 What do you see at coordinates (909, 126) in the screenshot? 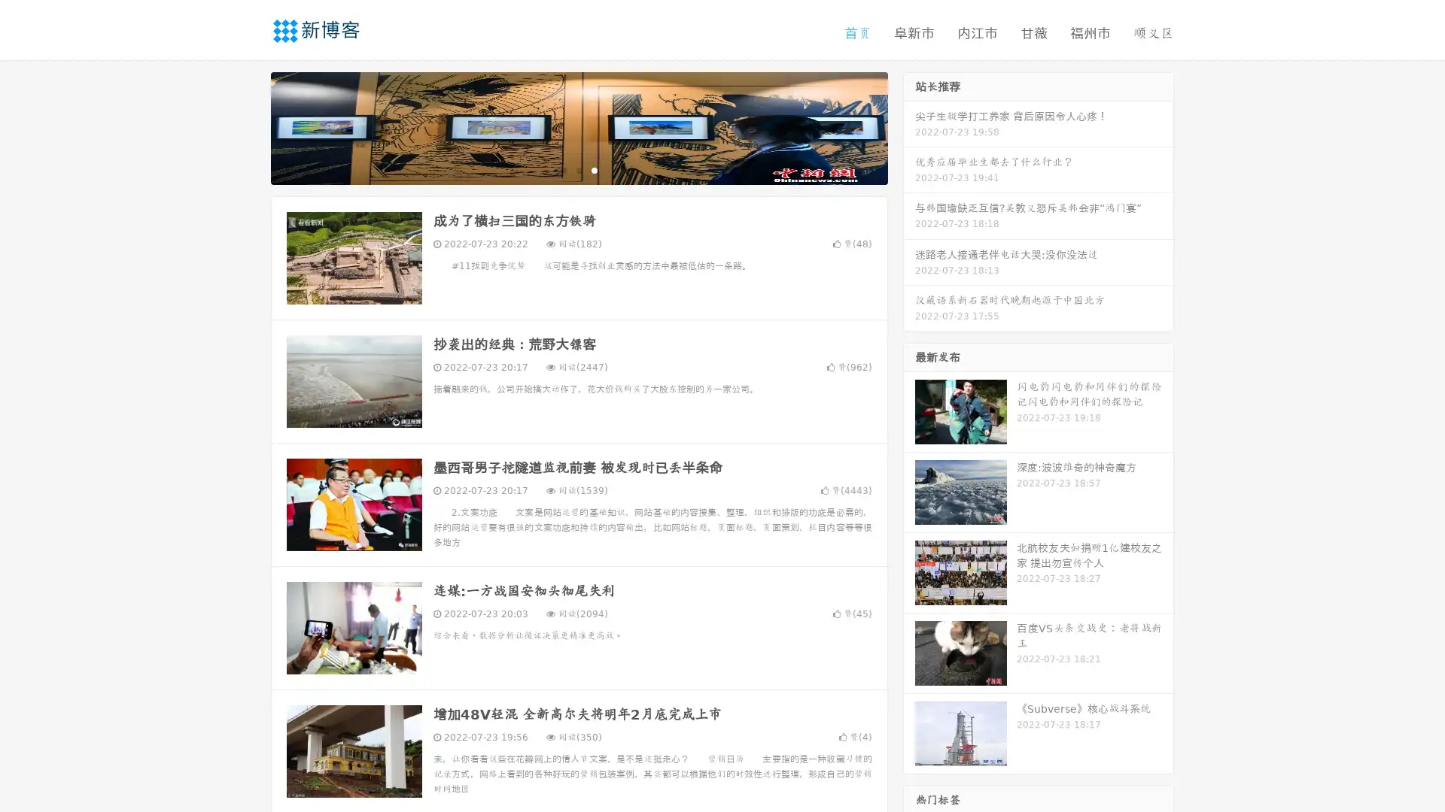
I see `Next slide` at bounding box center [909, 126].